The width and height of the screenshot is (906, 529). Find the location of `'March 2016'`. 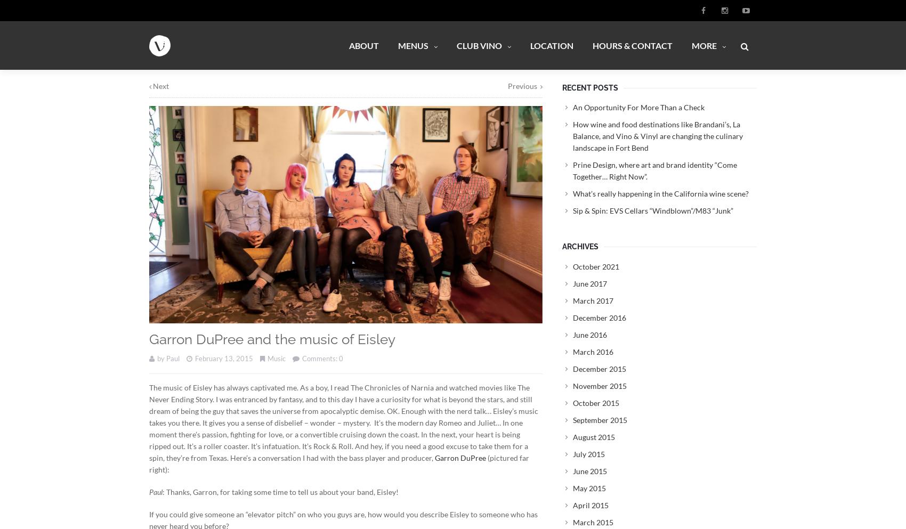

'March 2016' is located at coordinates (593, 351).